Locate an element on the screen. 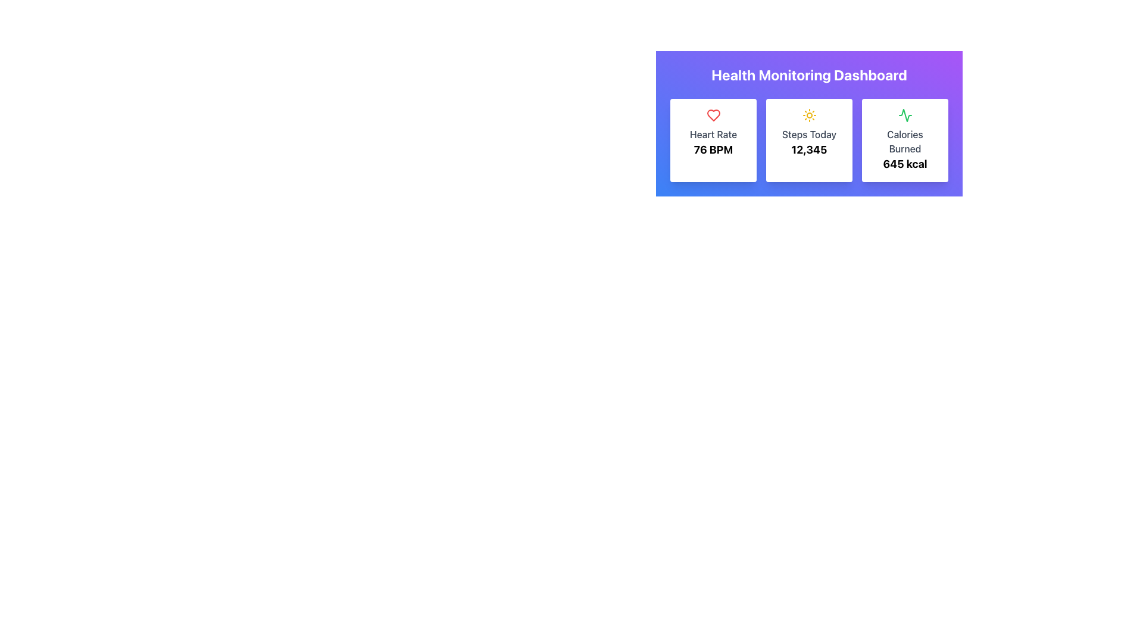 The image size is (1143, 643). the Heart Rate icon, which is the first icon in the leftmost card of three horizontally aligned cards, centrally located at the top of its card is located at coordinates (713, 115).